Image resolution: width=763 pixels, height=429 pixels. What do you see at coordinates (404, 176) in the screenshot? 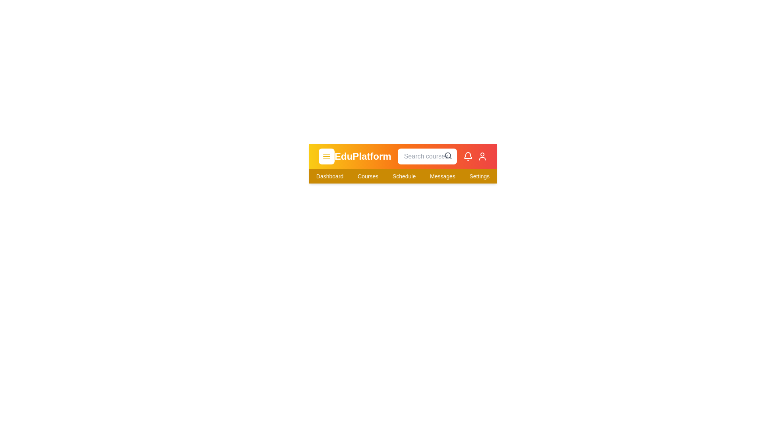
I see `the navigation item Schedule` at bounding box center [404, 176].